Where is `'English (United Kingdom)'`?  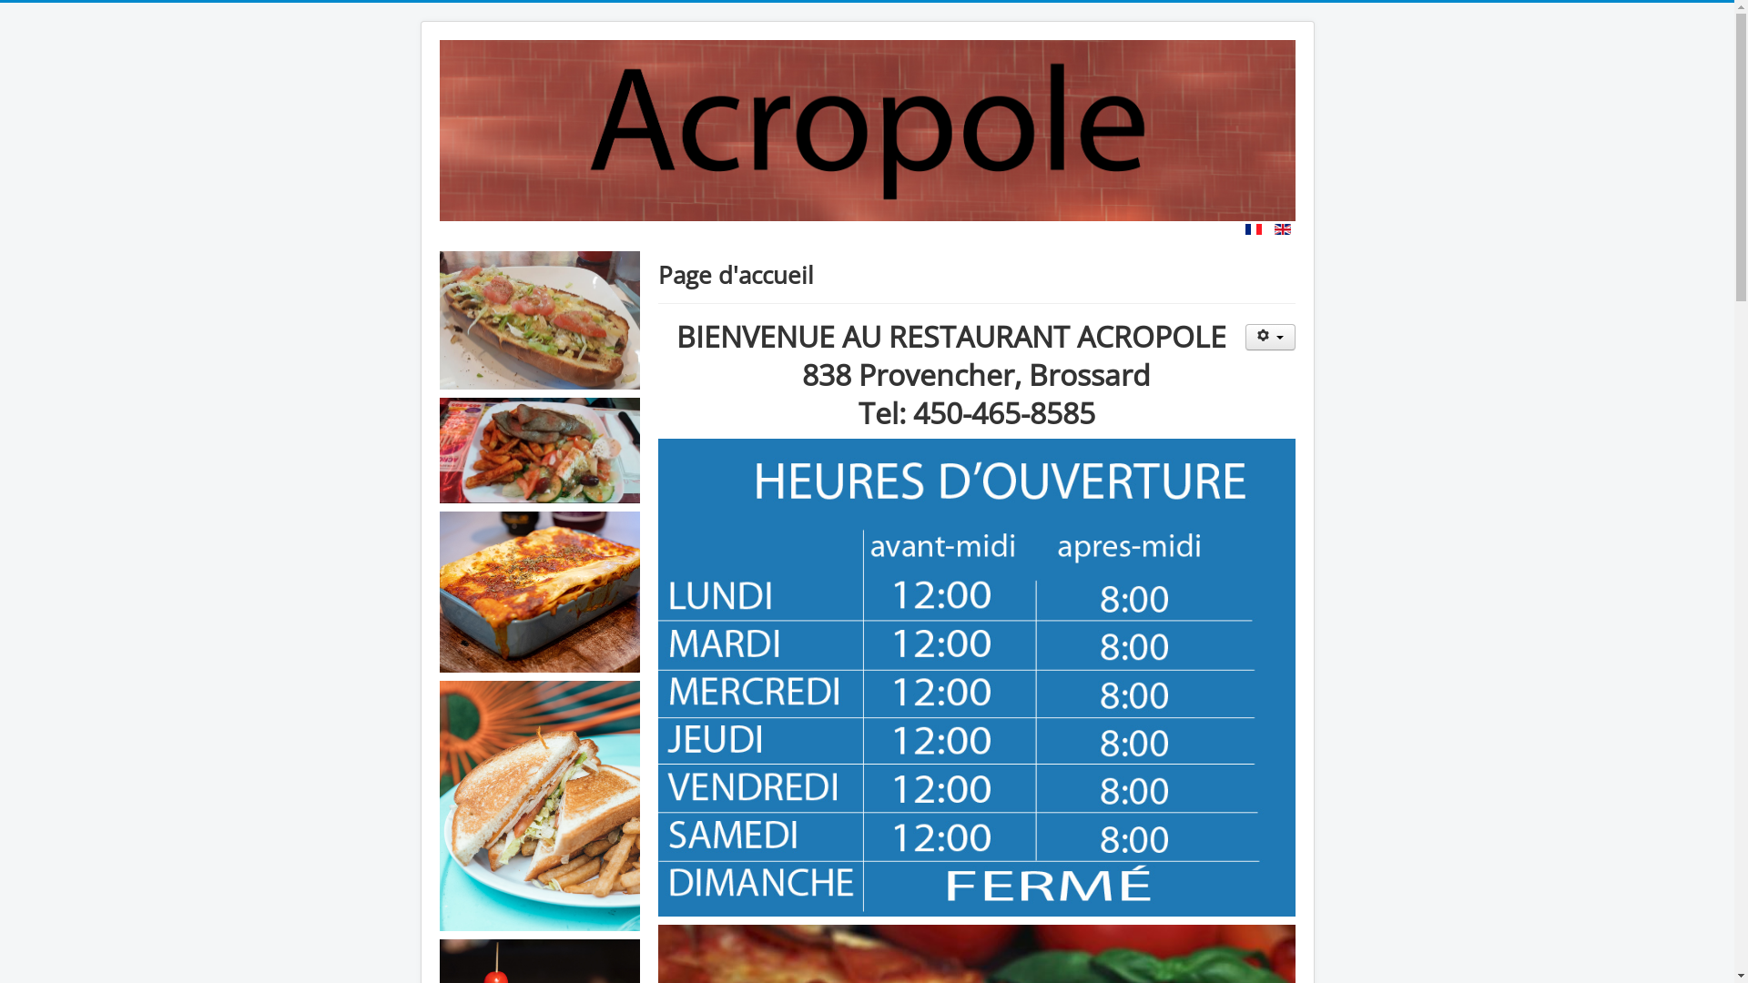 'English (United Kingdom)' is located at coordinates (1282, 228).